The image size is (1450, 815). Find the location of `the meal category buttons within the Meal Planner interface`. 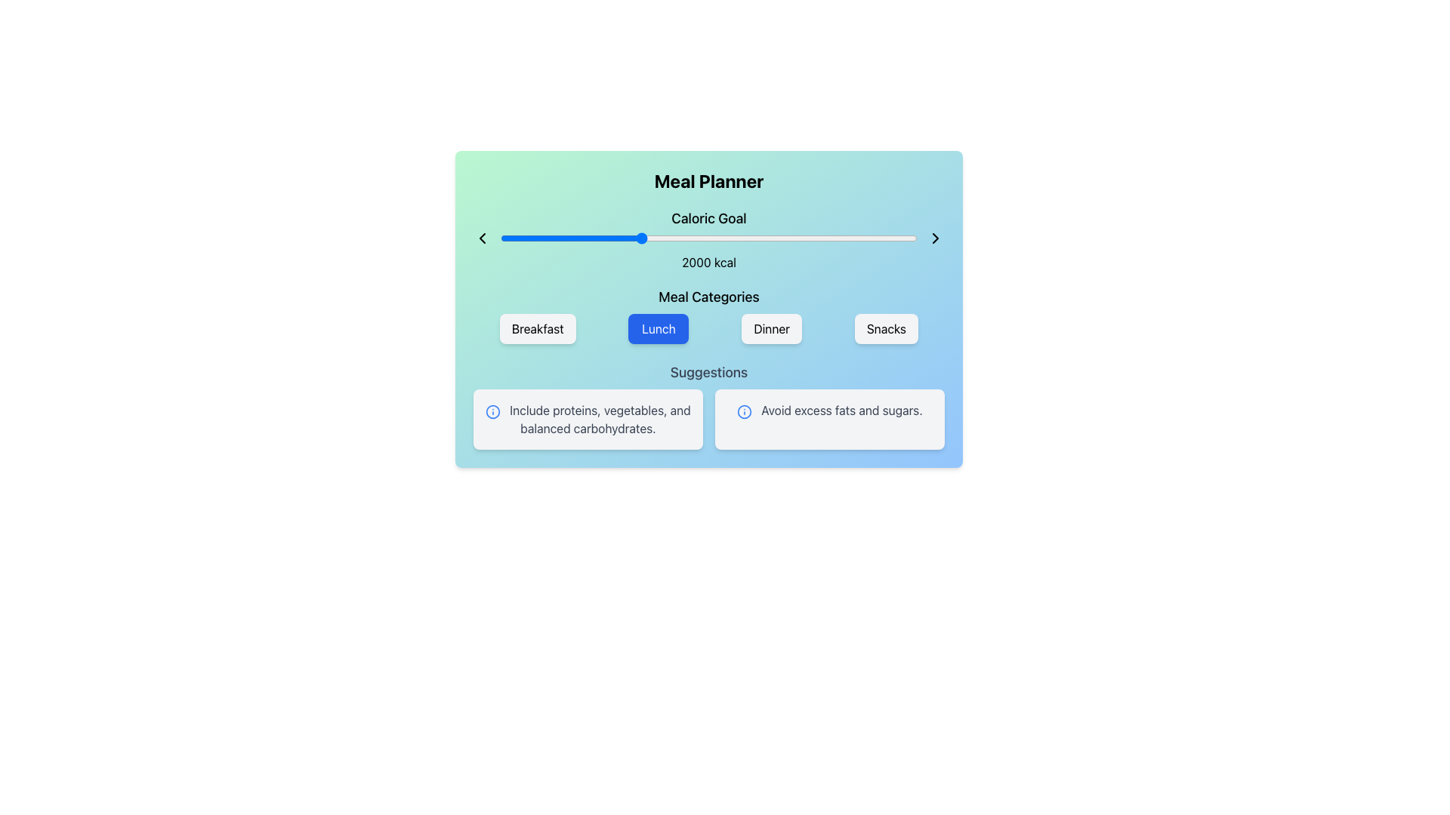

the meal category buttons within the Meal Planner interface is located at coordinates (708, 308).